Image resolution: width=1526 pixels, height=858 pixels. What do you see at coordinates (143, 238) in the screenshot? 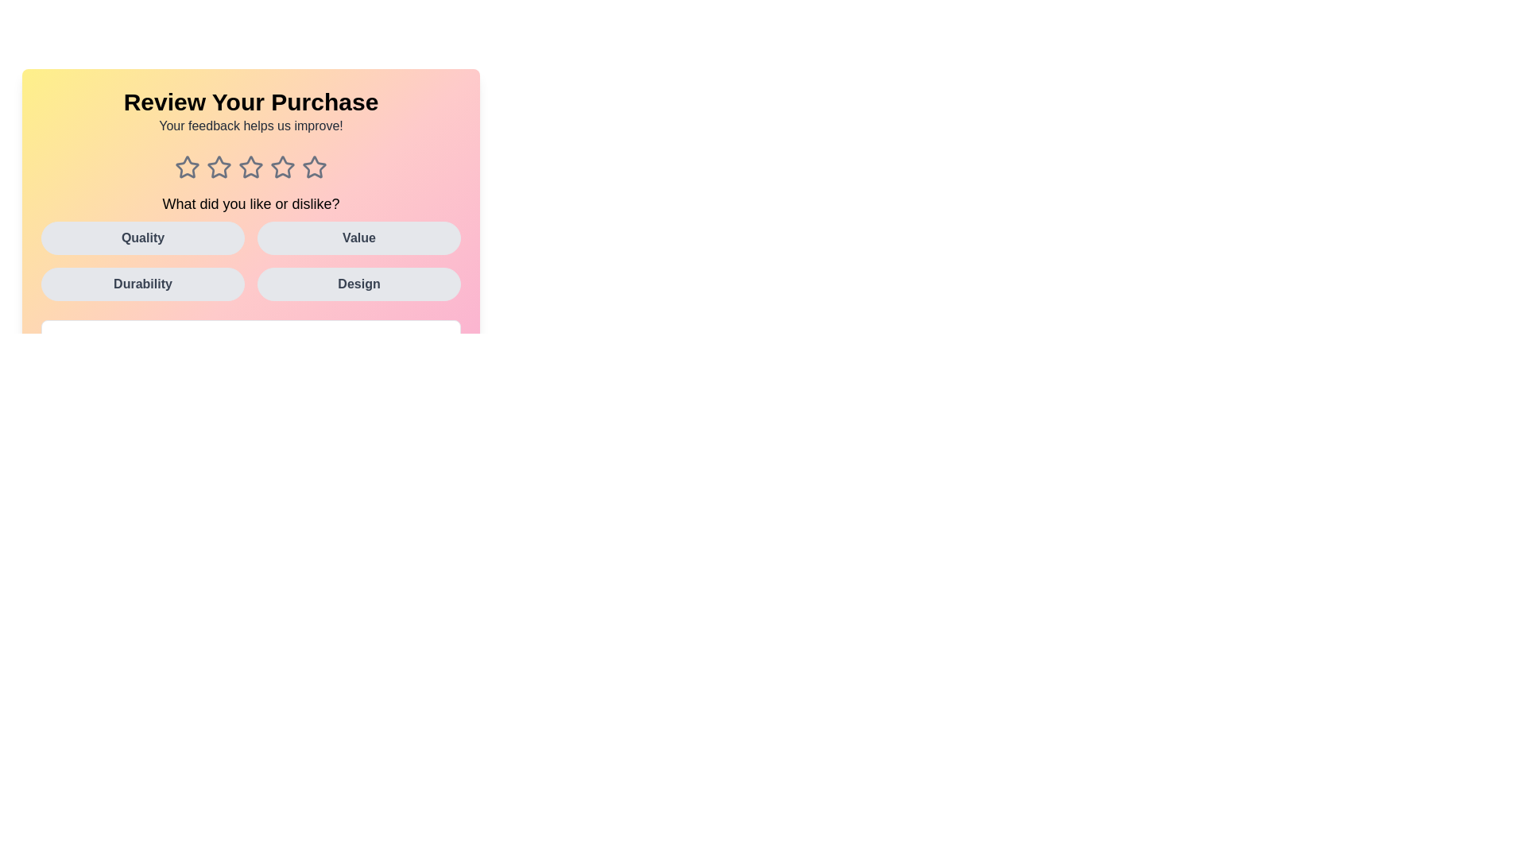
I see `the 'Quality' button, which is the first button in a grid layout` at bounding box center [143, 238].